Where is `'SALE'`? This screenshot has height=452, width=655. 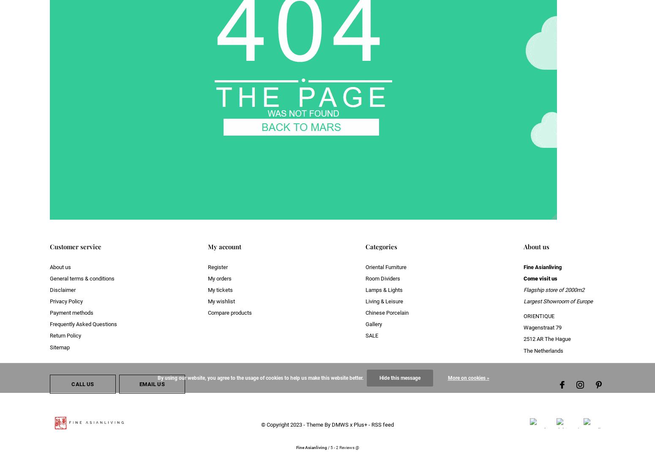 'SALE' is located at coordinates (371, 335).